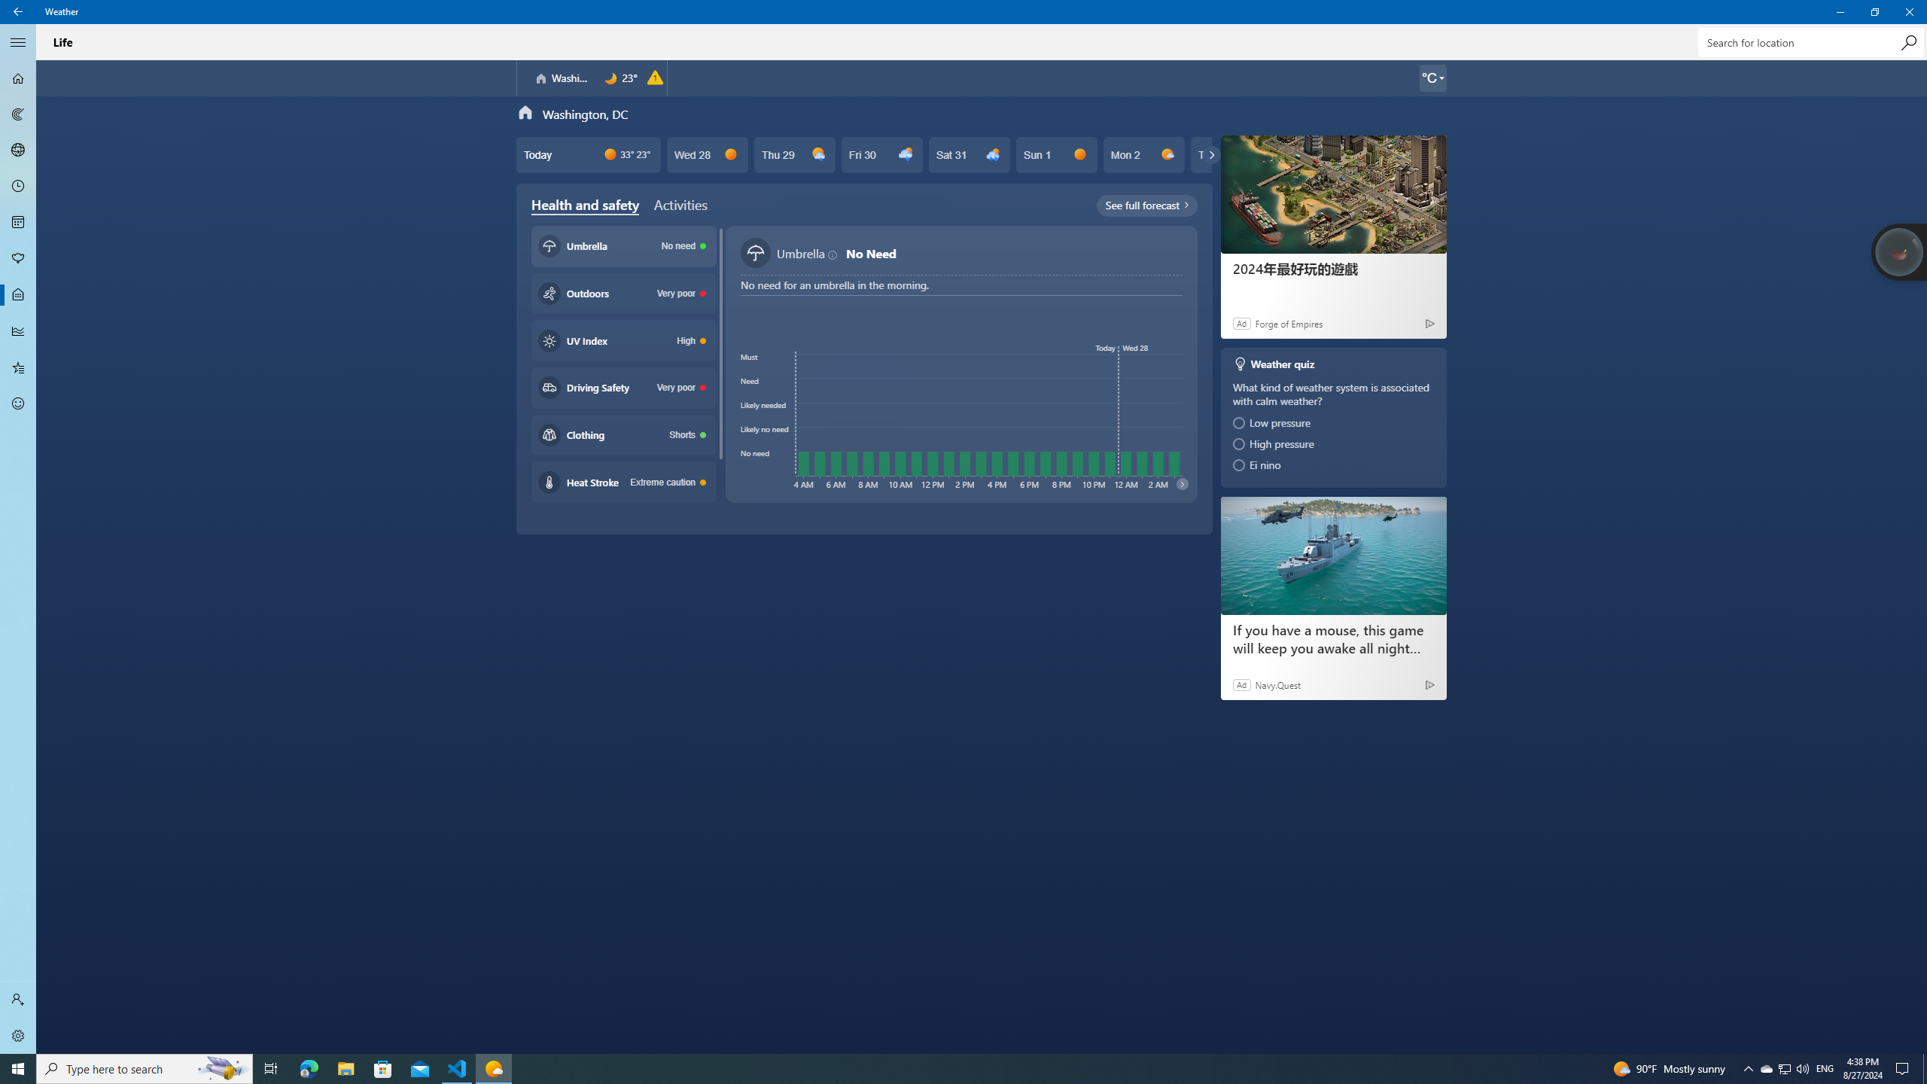 Image resolution: width=1927 pixels, height=1084 pixels. I want to click on 'Weather - 1 running window', so click(494, 1067).